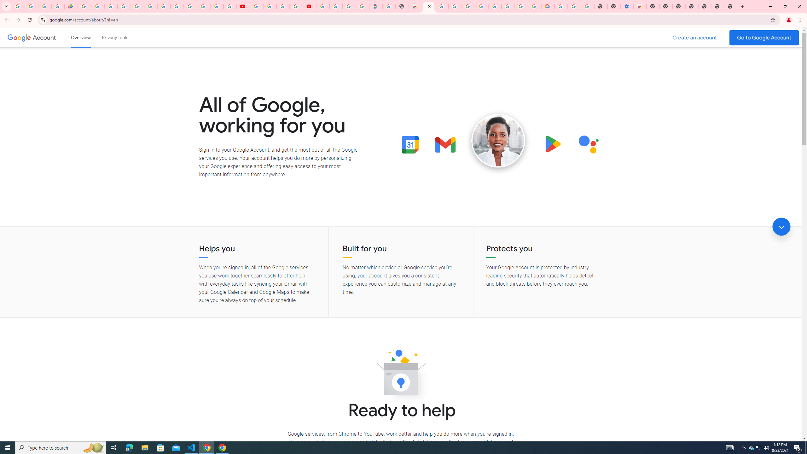 The width and height of the screenshot is (807, 454). Describe the element at coordinates (640, 6) in the screenshot. I see `'Chrome Web Store - Accessibility extensions'` at that location.